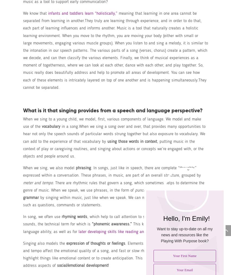 This screenshot has height=275, width=231. What do you see at coordinates (113, 149) in the screenshot?
I see `', putting music in the context of play or caregiving routines, and singing about actions or concepts we’re engaged with, or the objects and people around us.'` at bounding box center [113, 149].